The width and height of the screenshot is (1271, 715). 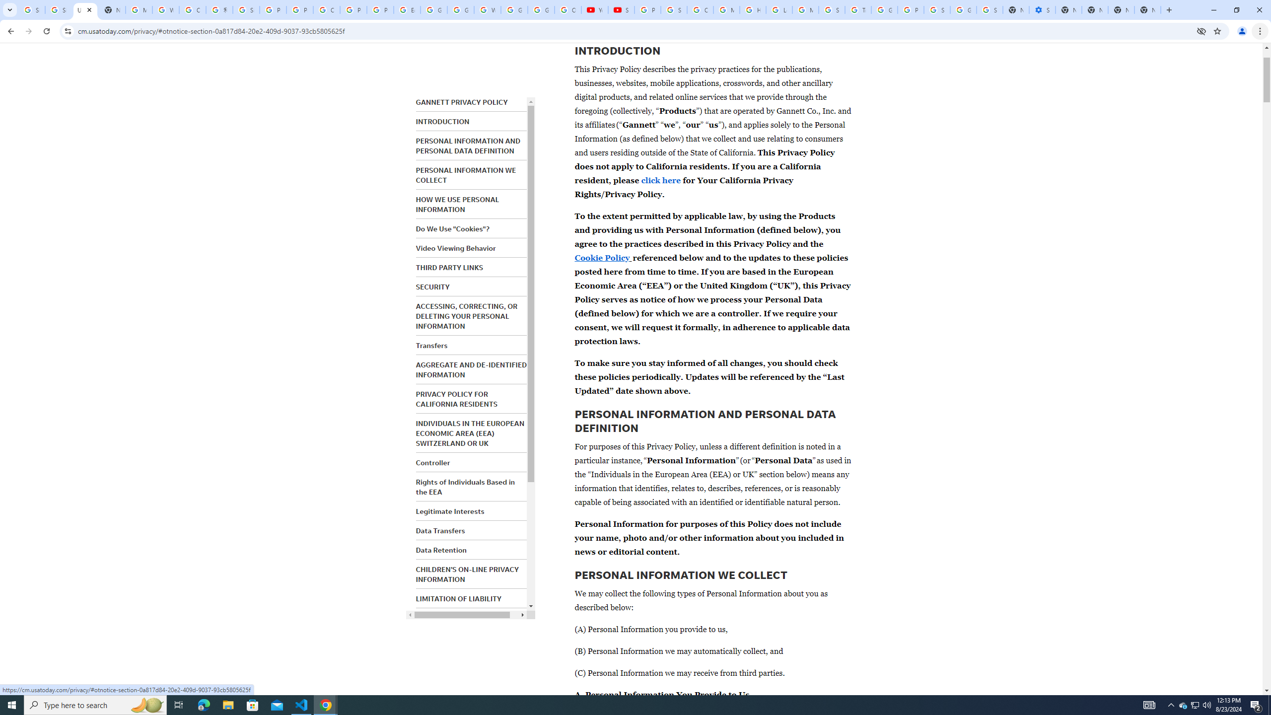 I want to click on 'Subscriptions - YouTube', so click(x=621, y=9).